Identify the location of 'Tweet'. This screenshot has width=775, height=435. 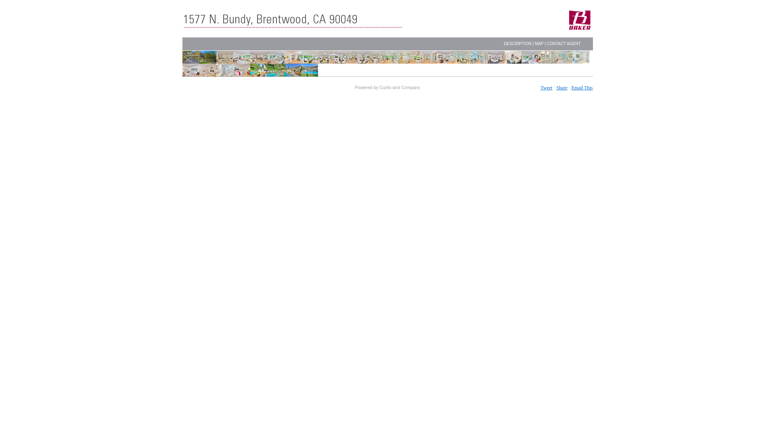
(546, 88).